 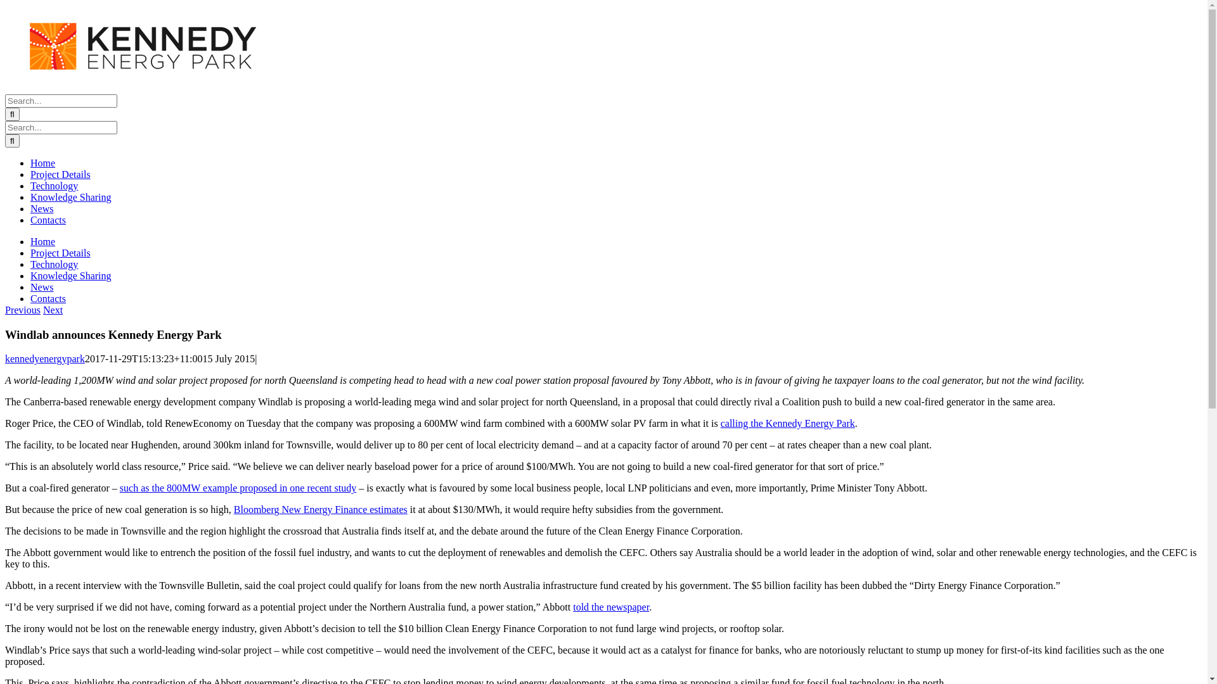 What do you see at coordinates (52, 310) in the screenshot?
I see `'Next'` at bounding box center [52, 310].